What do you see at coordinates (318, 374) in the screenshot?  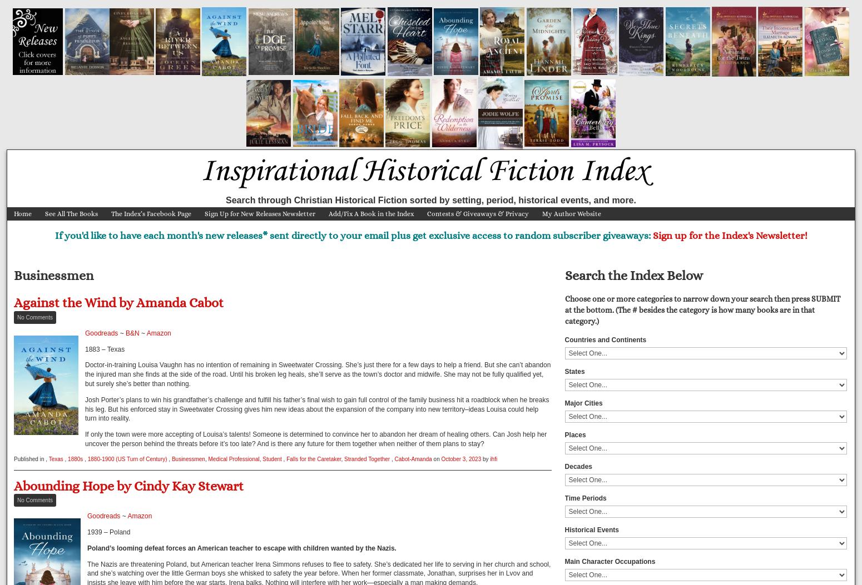 I see `'Doctor-in-training Louisa Vaughn has no intention of remaining in Sweetwater Crossing. She’s just there for a few days to help a friend. But she can’t abandon the injured man she finds at the side of the road. Until his broken leg heals, she’ll serve as the town’s doctor and midwife. She may not be fully qualified yet, but surely she’s better than nothing.'` at bounding box center [318, 374].